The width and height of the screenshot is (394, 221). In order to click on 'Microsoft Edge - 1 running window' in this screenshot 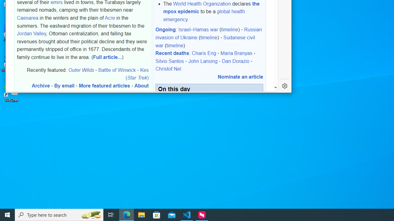, I will do `click(126, 214)`.